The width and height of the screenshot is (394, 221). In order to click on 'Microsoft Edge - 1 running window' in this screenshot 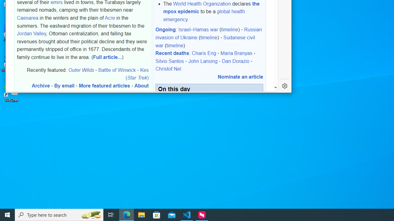, I will do `click(126, 214)`.